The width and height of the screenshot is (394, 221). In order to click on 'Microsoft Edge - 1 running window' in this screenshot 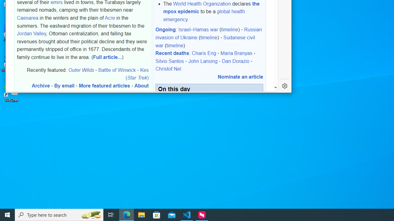, I will do `click(126, 214)`.